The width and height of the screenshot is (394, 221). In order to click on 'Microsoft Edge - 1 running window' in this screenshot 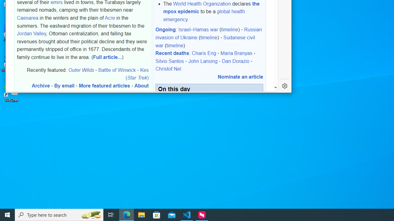, I will do `click(126, 214)`.